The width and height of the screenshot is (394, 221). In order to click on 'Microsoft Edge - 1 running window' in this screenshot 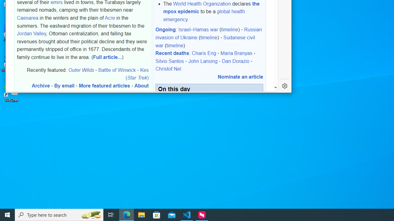, I will do `click(126, 214)`.